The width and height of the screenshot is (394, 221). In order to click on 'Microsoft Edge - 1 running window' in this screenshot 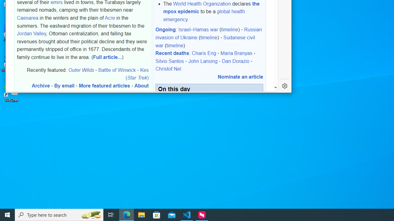, I will do `click(126, 214)`.